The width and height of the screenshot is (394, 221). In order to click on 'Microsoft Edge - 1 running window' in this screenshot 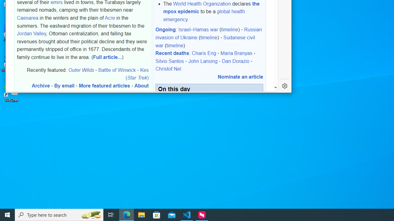, I will do `click(126, 214)`.